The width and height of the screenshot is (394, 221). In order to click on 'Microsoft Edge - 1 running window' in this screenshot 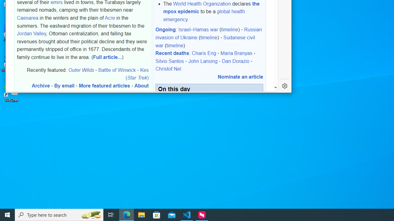, I will do `click(126, 214)`.